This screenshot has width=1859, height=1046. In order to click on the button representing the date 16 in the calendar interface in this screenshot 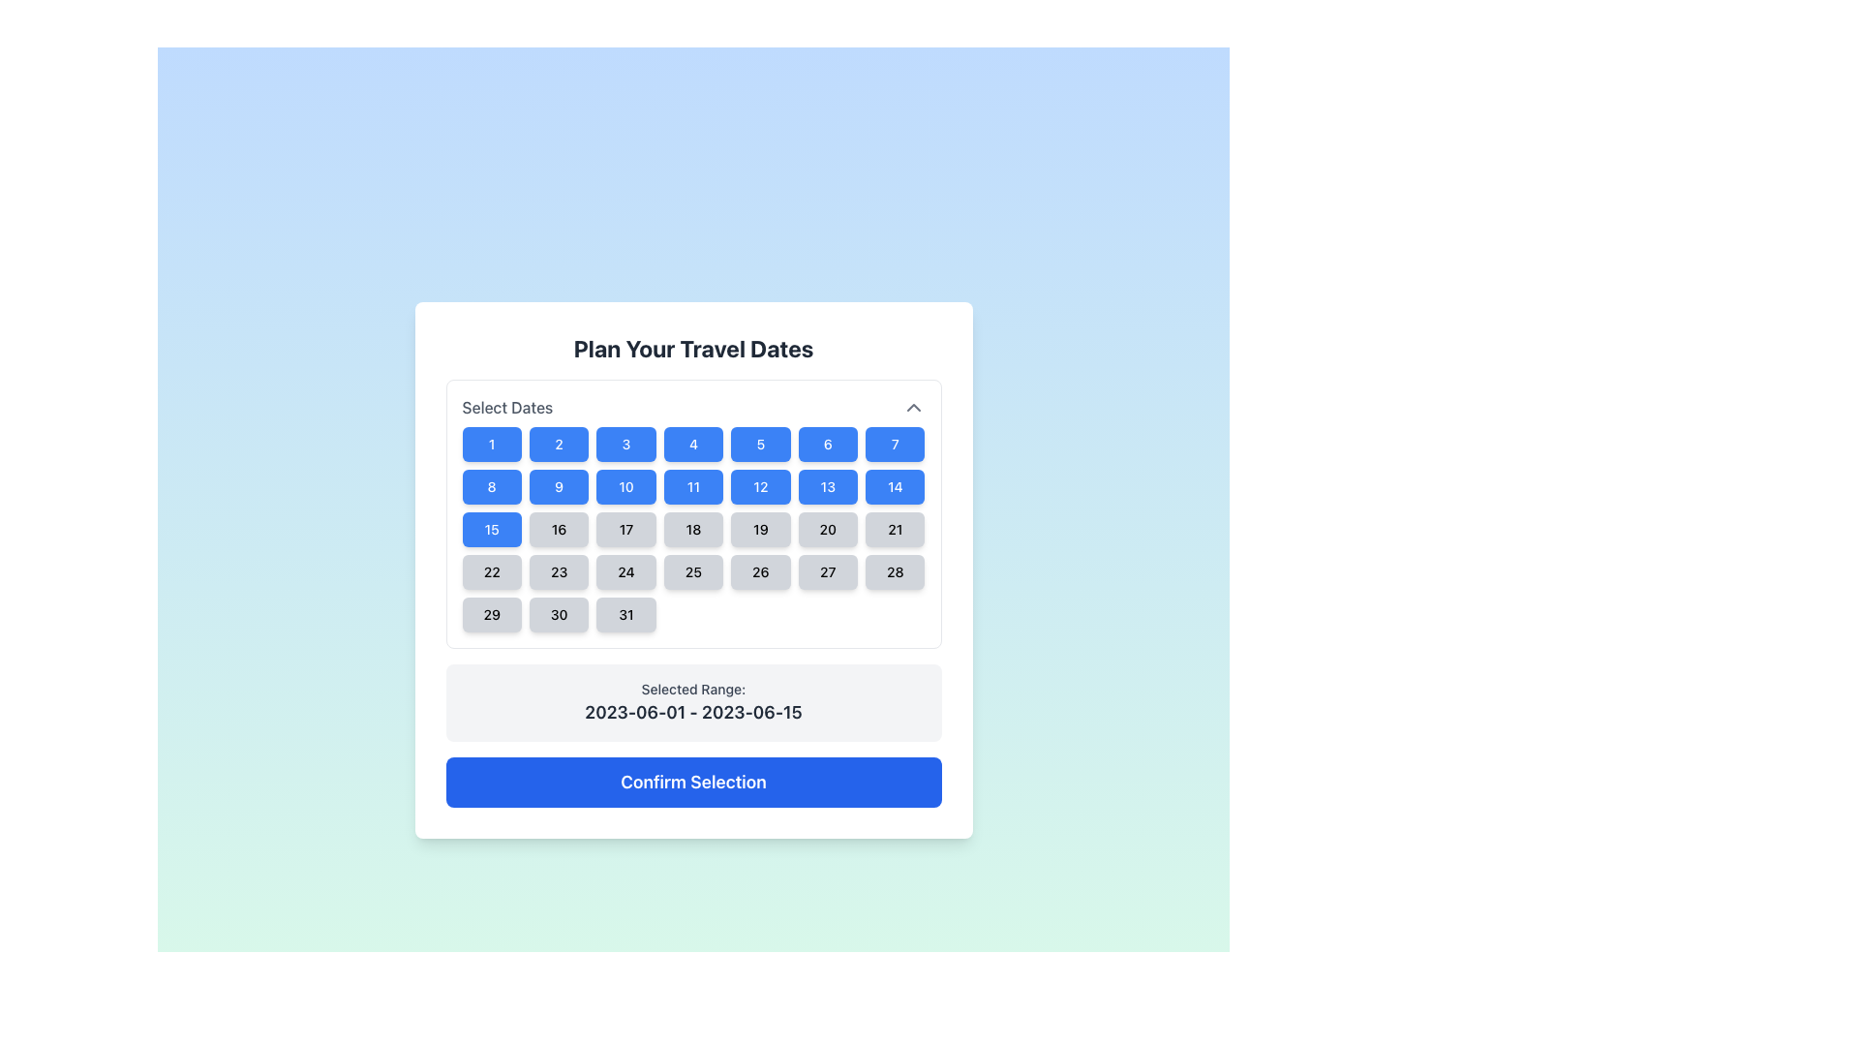, I will do `click(558, 530)`.